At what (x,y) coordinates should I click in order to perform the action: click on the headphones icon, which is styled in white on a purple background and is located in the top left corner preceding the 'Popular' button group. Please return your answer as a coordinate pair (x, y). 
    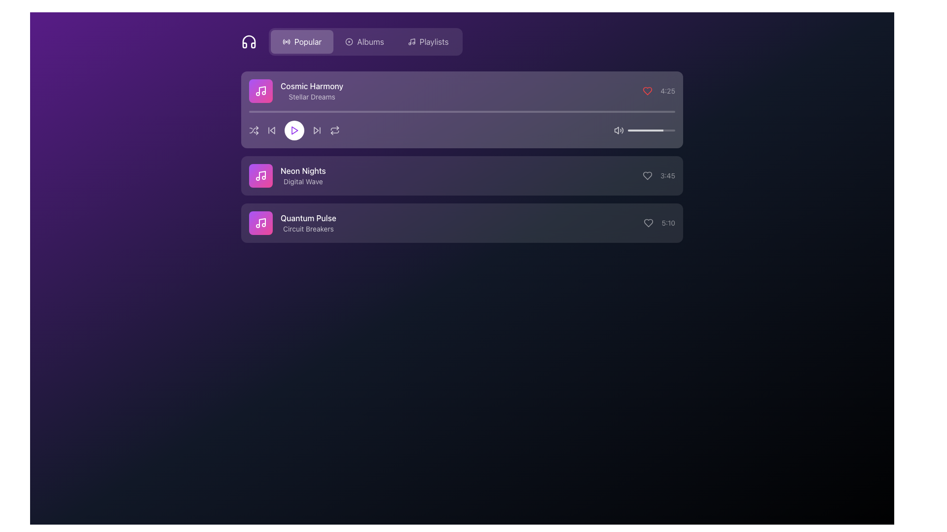
    Looking at the image, I should click on (249, 41).